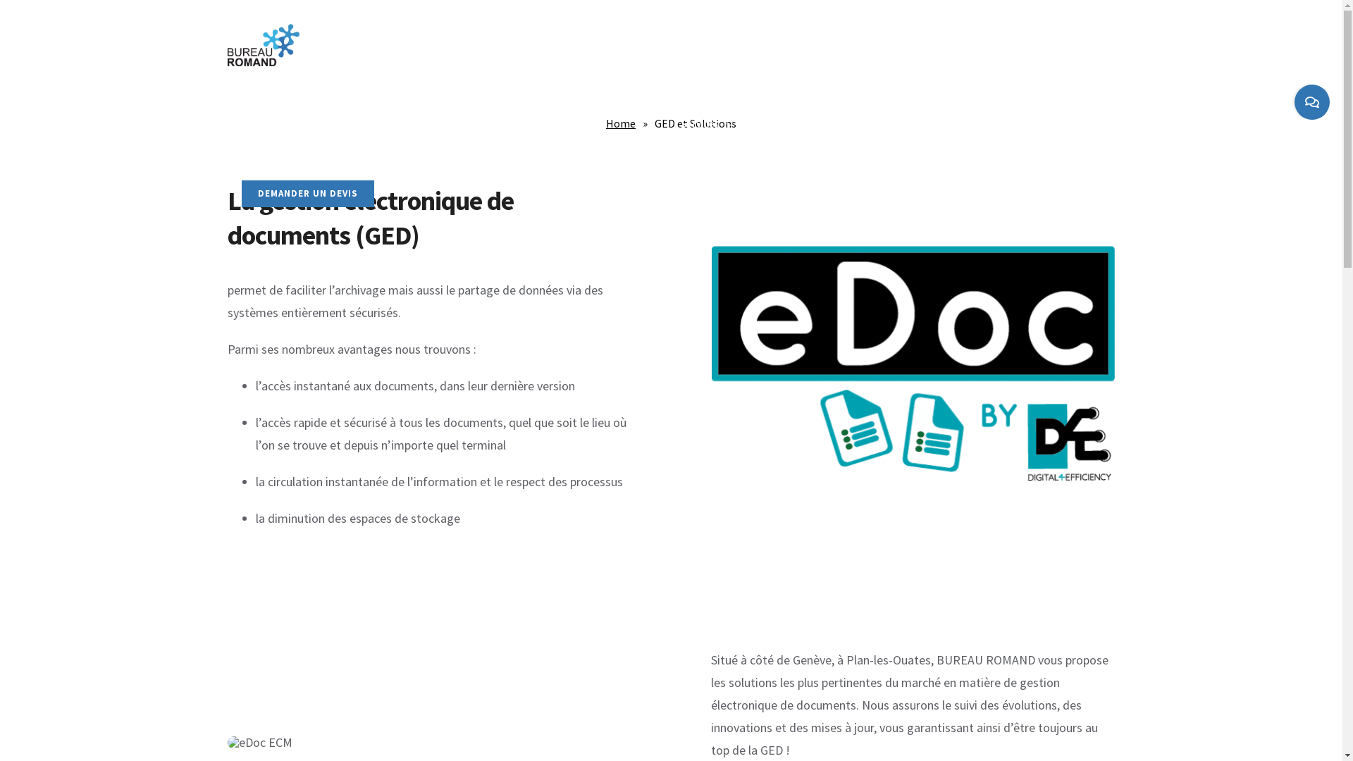 The width and height of the screenshot is (1353, 761). What do you see at coordinates (913, 359) in the screenshot?
I see `'edoc OK FINAL'` at bounding box center [913, 359].